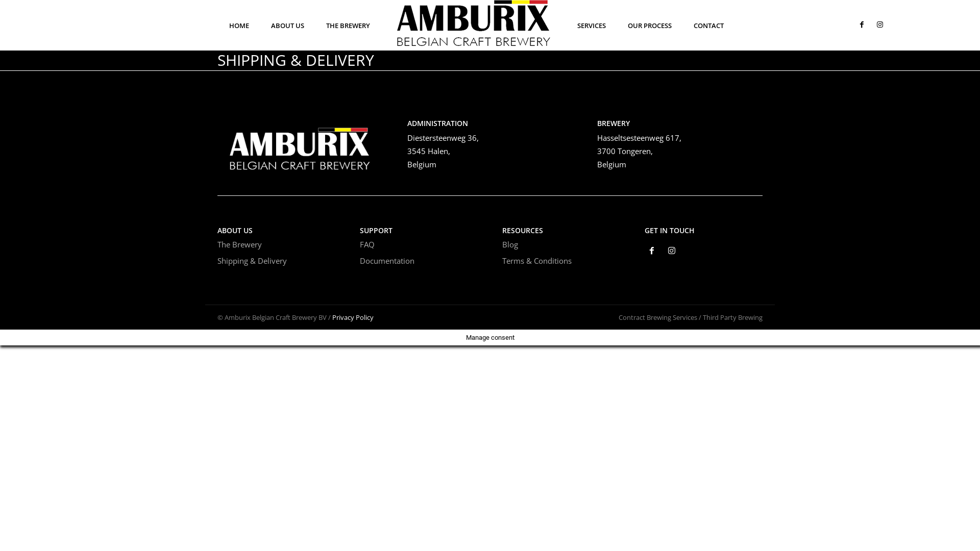  What do you see at coordinates (238, 25) in the screenshot?
I see `'HOME'` at bounding box center [238, 25].